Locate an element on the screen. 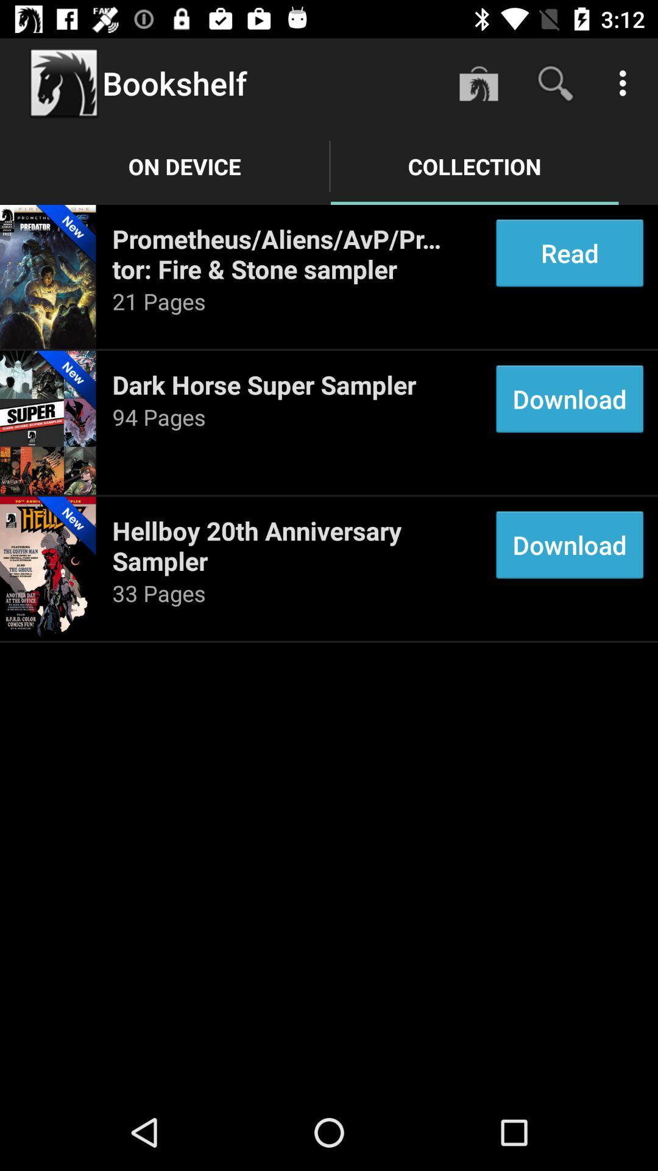 Image resolution: width=658 pixels, height=1171 pixels. the icon to the right of the prometheus aliens avp item is located at coordinates (570, 252).